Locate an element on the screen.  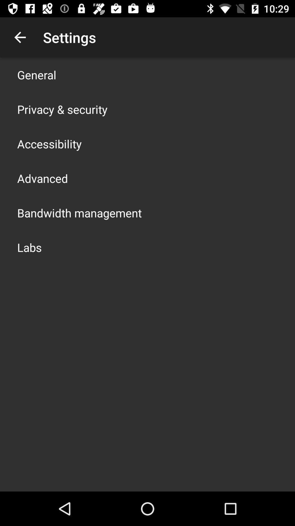
advanced icon is located at coordinates (42, 178).